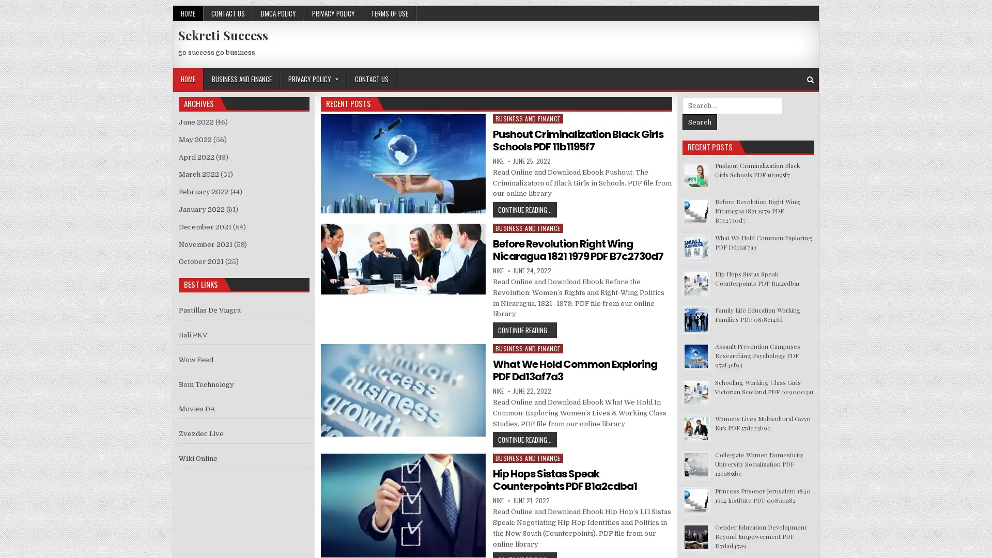 The height and width of the screenshot is (558, 992). What do you see at coordinates (700, 121) in the screenshot?
I see `Search` at bounding box center [700, 121].